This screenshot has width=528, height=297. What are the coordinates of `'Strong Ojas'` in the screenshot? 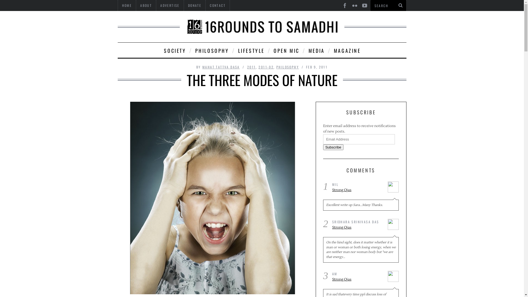 It's located at (358, 190).